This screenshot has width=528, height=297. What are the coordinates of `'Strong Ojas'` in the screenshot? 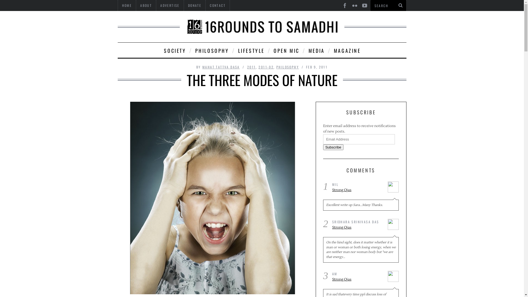 It's located at (358, 190).